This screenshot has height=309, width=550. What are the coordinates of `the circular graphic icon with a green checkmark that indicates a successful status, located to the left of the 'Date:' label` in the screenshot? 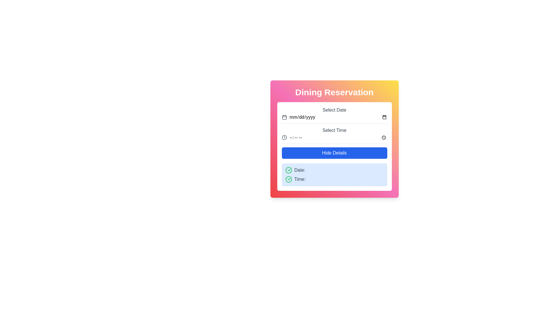 It's located at (288, 170).